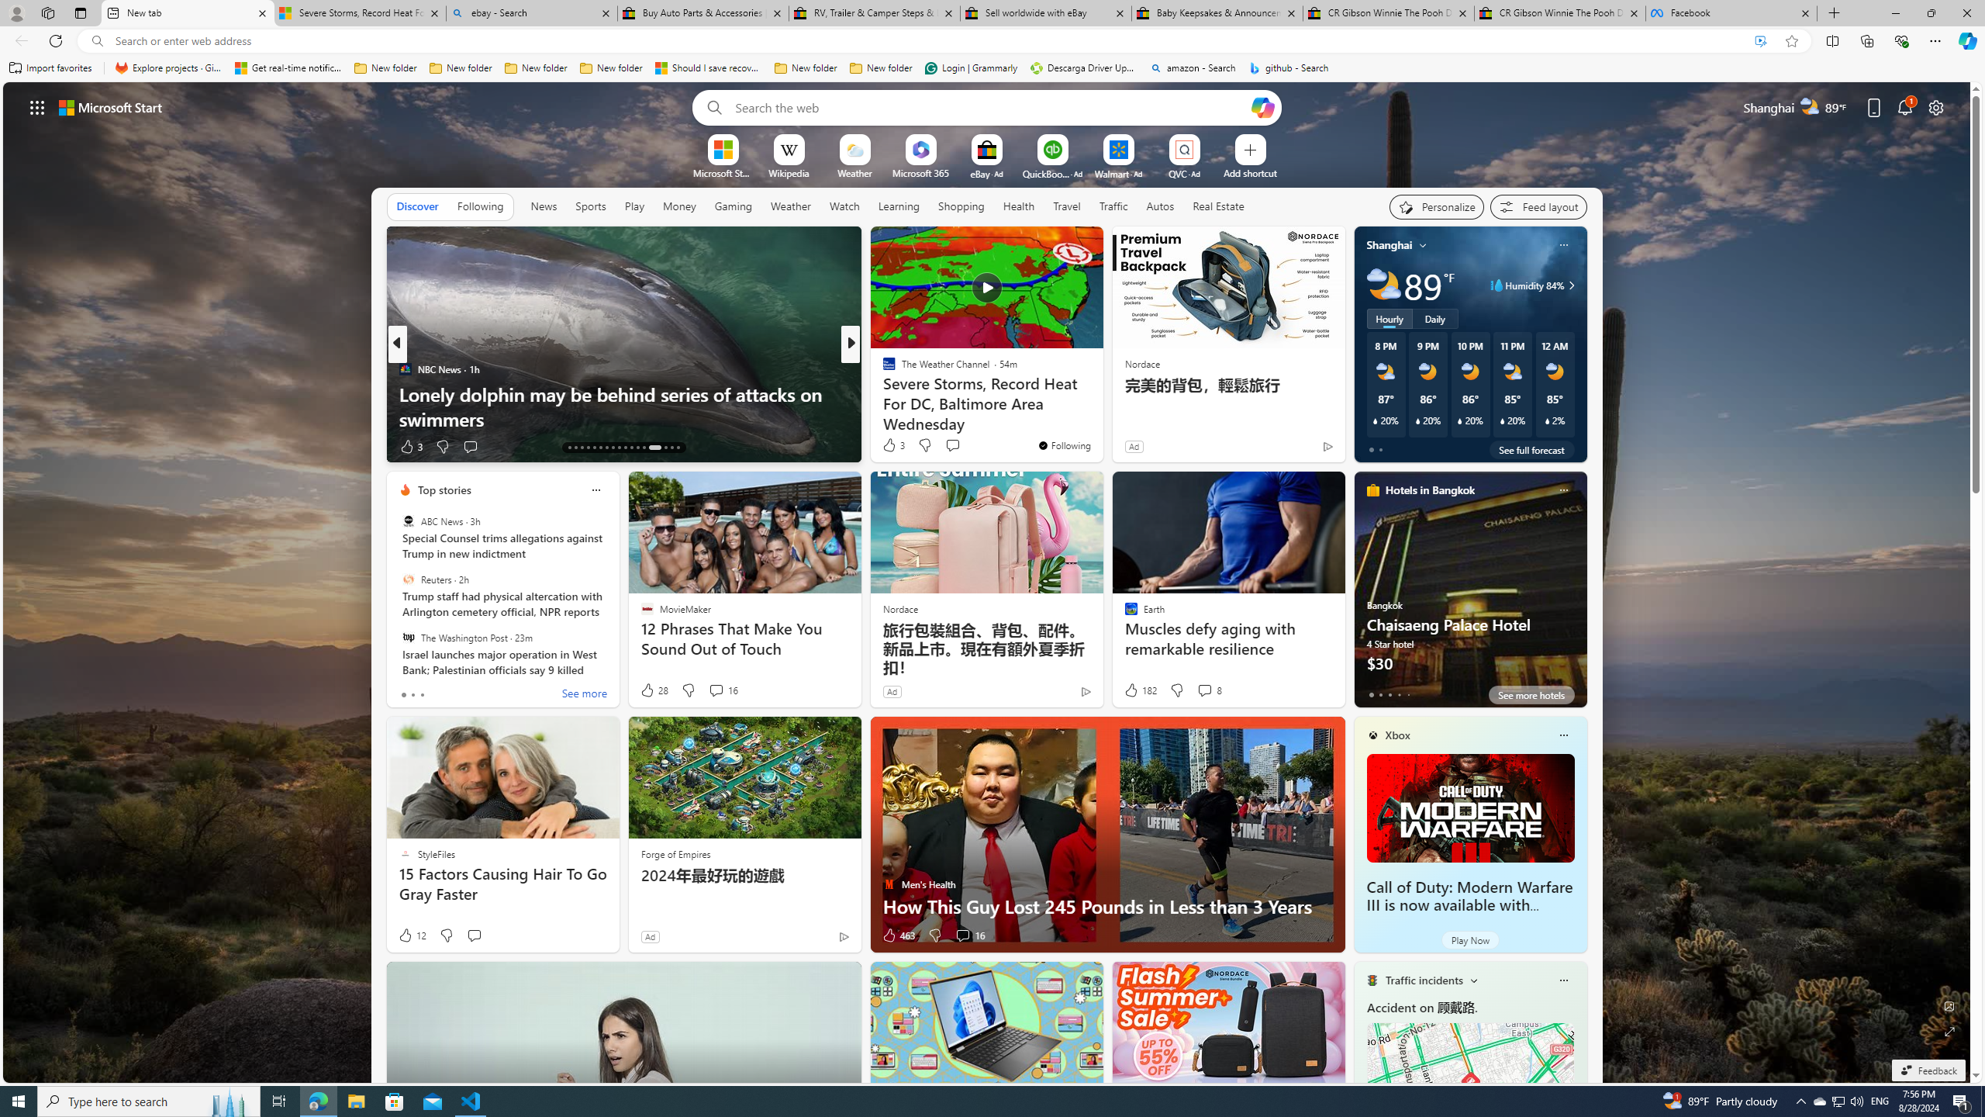  I want to click on 'AutomationID: tab-24', so click(638, 448).